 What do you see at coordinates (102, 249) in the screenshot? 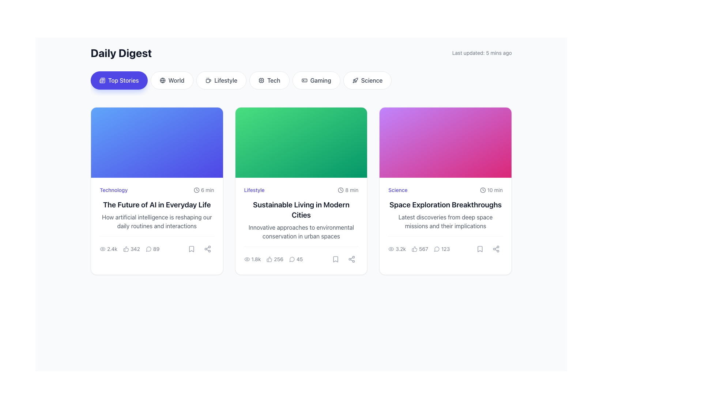
I see `the eye icon, which is part of an SVG component with light gray strokes` at bounding box center [102, 249].